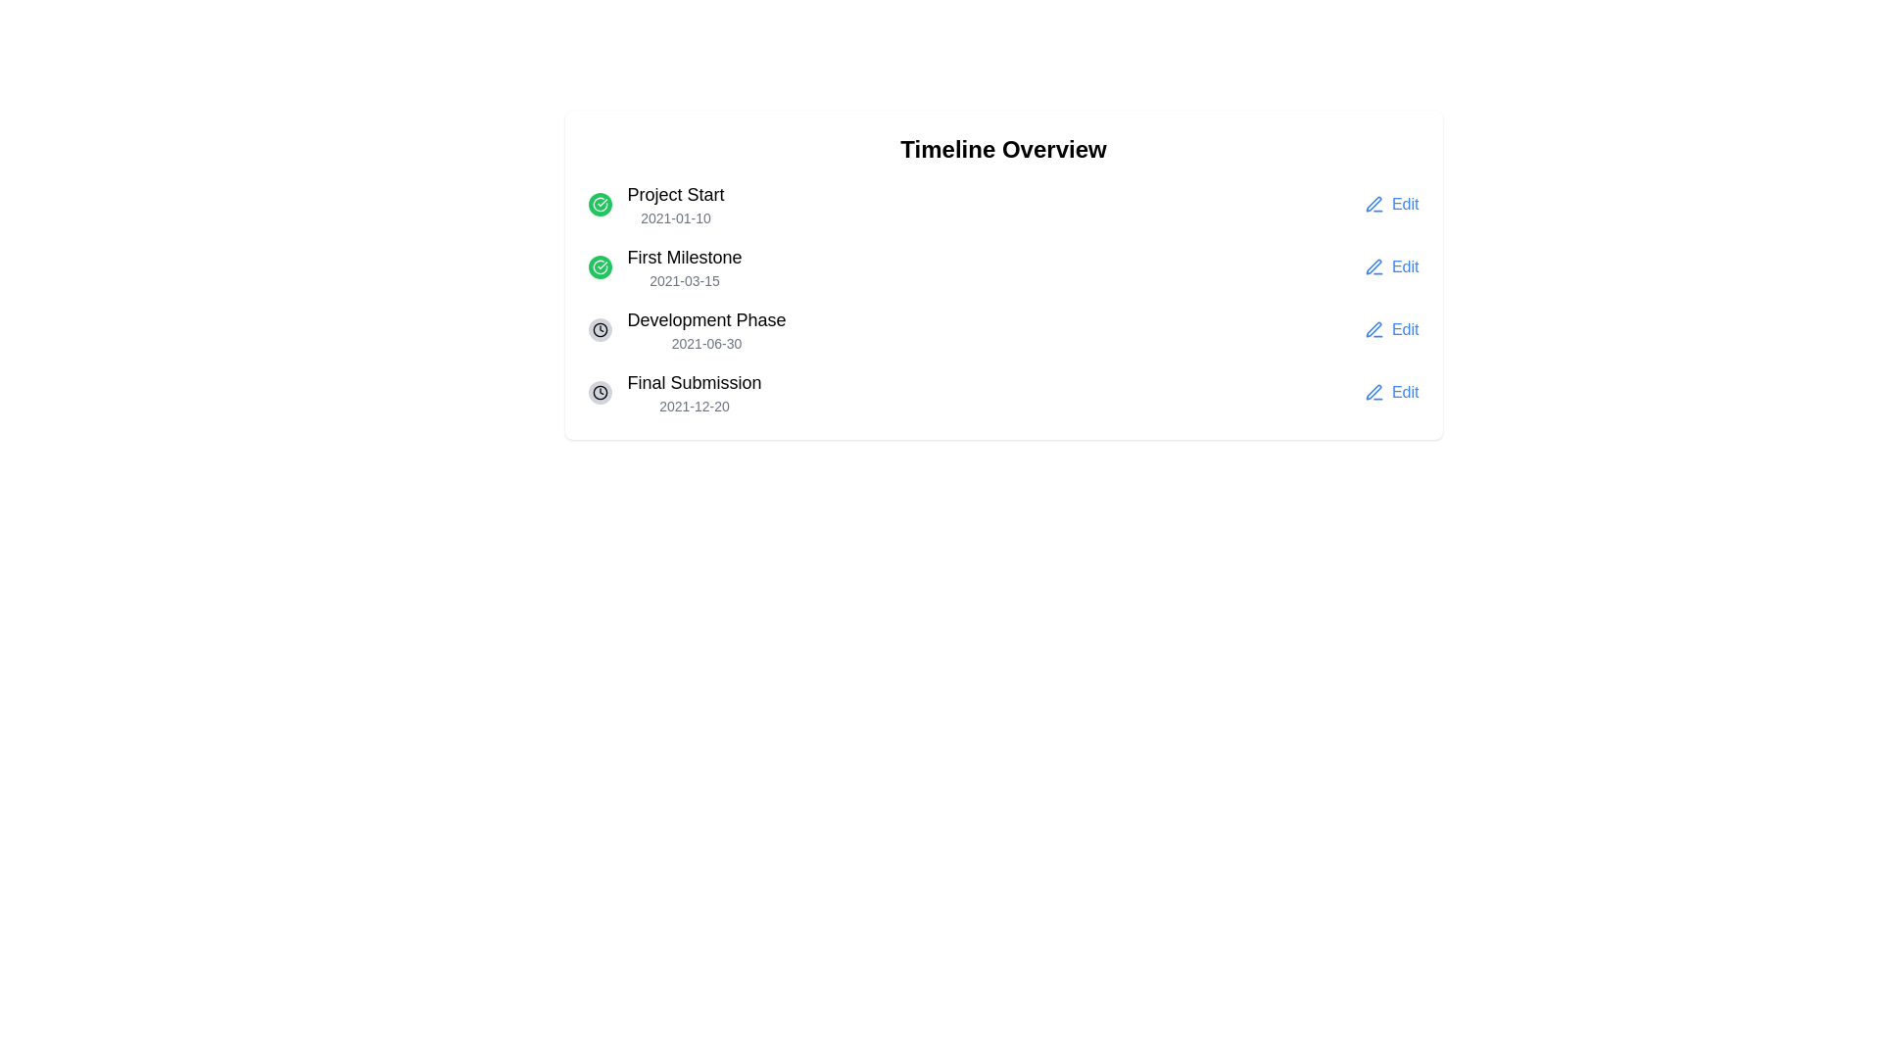  I want to click on the interactive button at the far right of the 'Final Submission' entry dated '2021-12-20' in the fourth row of the 'Timeline Overview', so click(1390, 393).